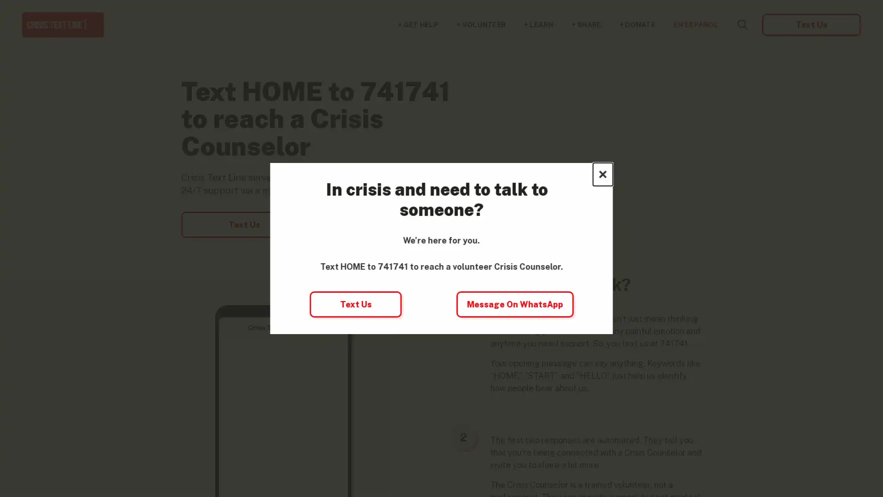 This screenshot has height=497, width=883. What do you see at coordinates (602, 174) in the screenshot?
I see `Close this dialog window` at bounding box center [602, 174].